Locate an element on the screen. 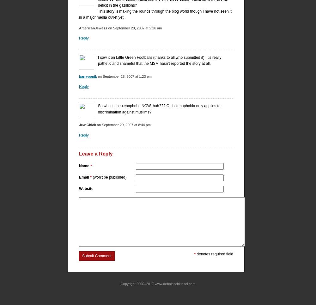  'barrypopik' is located at coordinates (88, 76).